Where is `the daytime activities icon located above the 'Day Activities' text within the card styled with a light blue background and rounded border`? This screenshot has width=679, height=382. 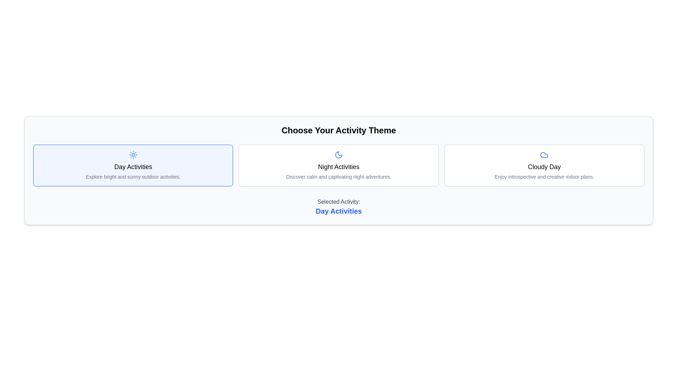
the daytime activities icon located above the 'Day Activities' text within the card styled with a light blue background and rounded border is located at coordinates (133, 155).